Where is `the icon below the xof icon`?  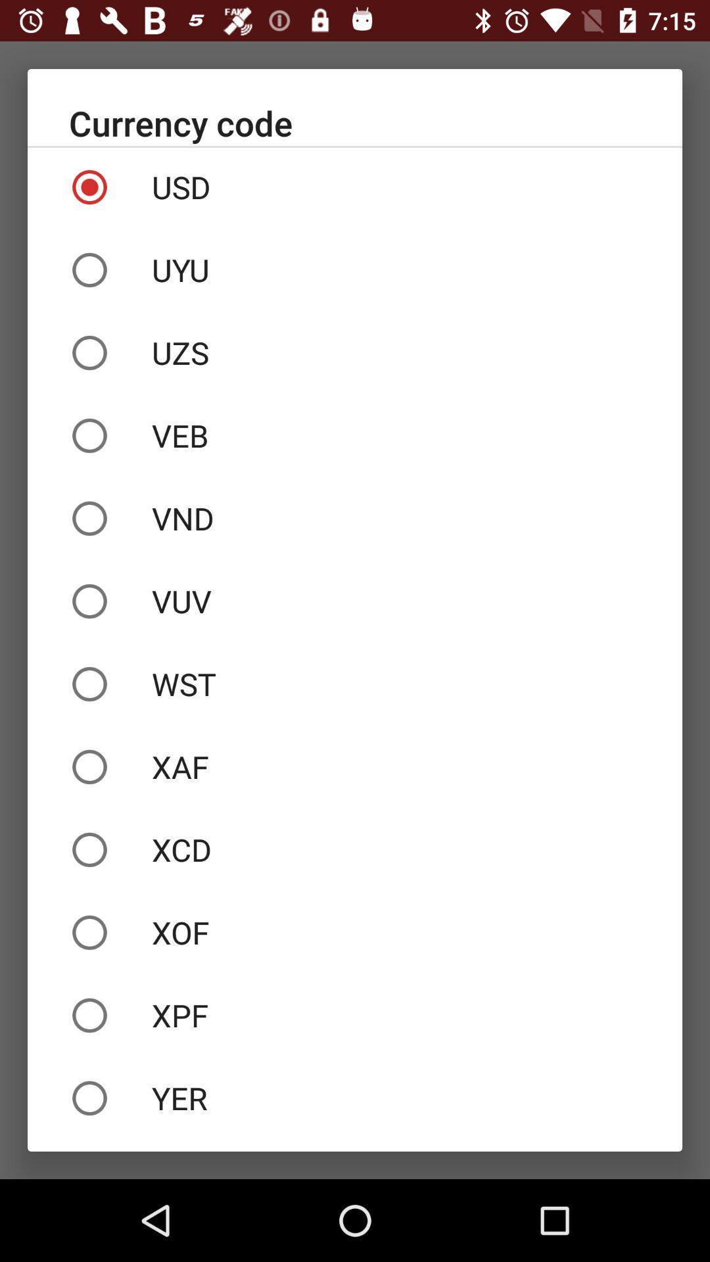 the icon below the xof icon is located at coordinates (355, 1015).